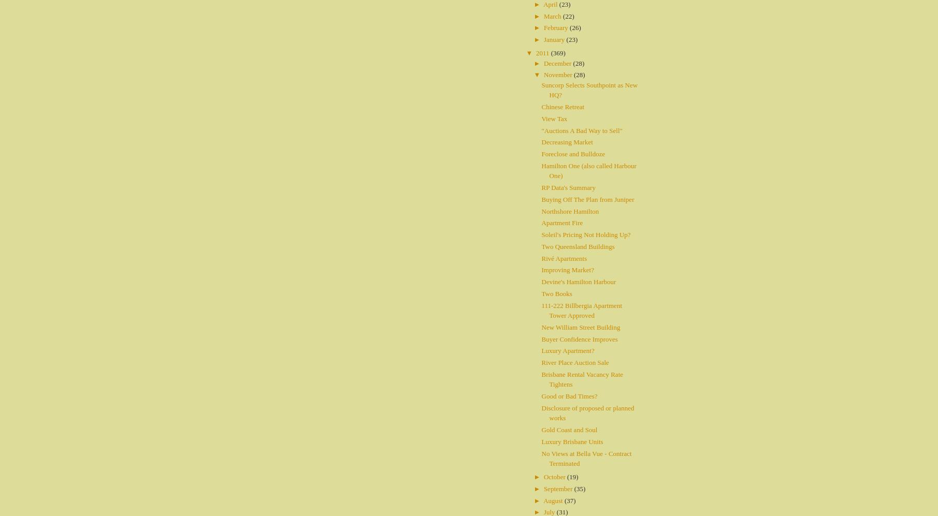 The height and width of the screenshot is (516, 938). Describe the element at coordinates (541, 326) in the screenshot. I see `'New William Street Building'` at that location.